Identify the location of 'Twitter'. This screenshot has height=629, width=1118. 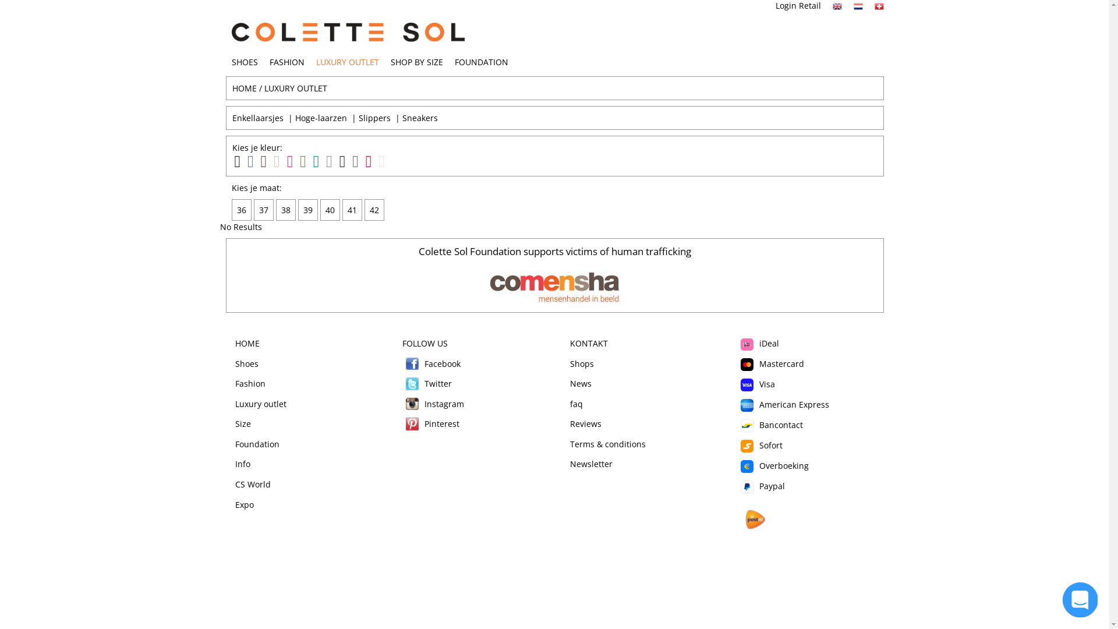
(412, 384).